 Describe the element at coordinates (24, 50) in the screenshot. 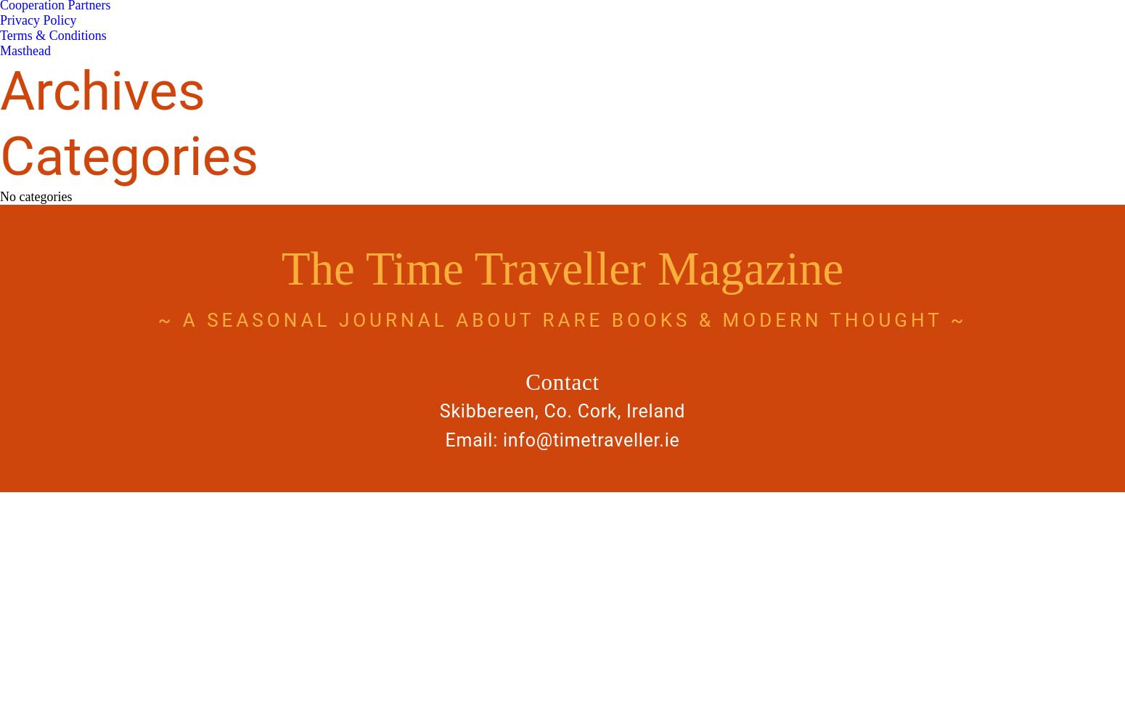

I see `'Masthead'` at that location.